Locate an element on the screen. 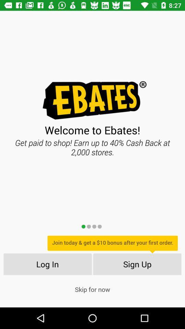 The image size is (185, 329). the item above skip for now icon is located at coordinates (137, 264).